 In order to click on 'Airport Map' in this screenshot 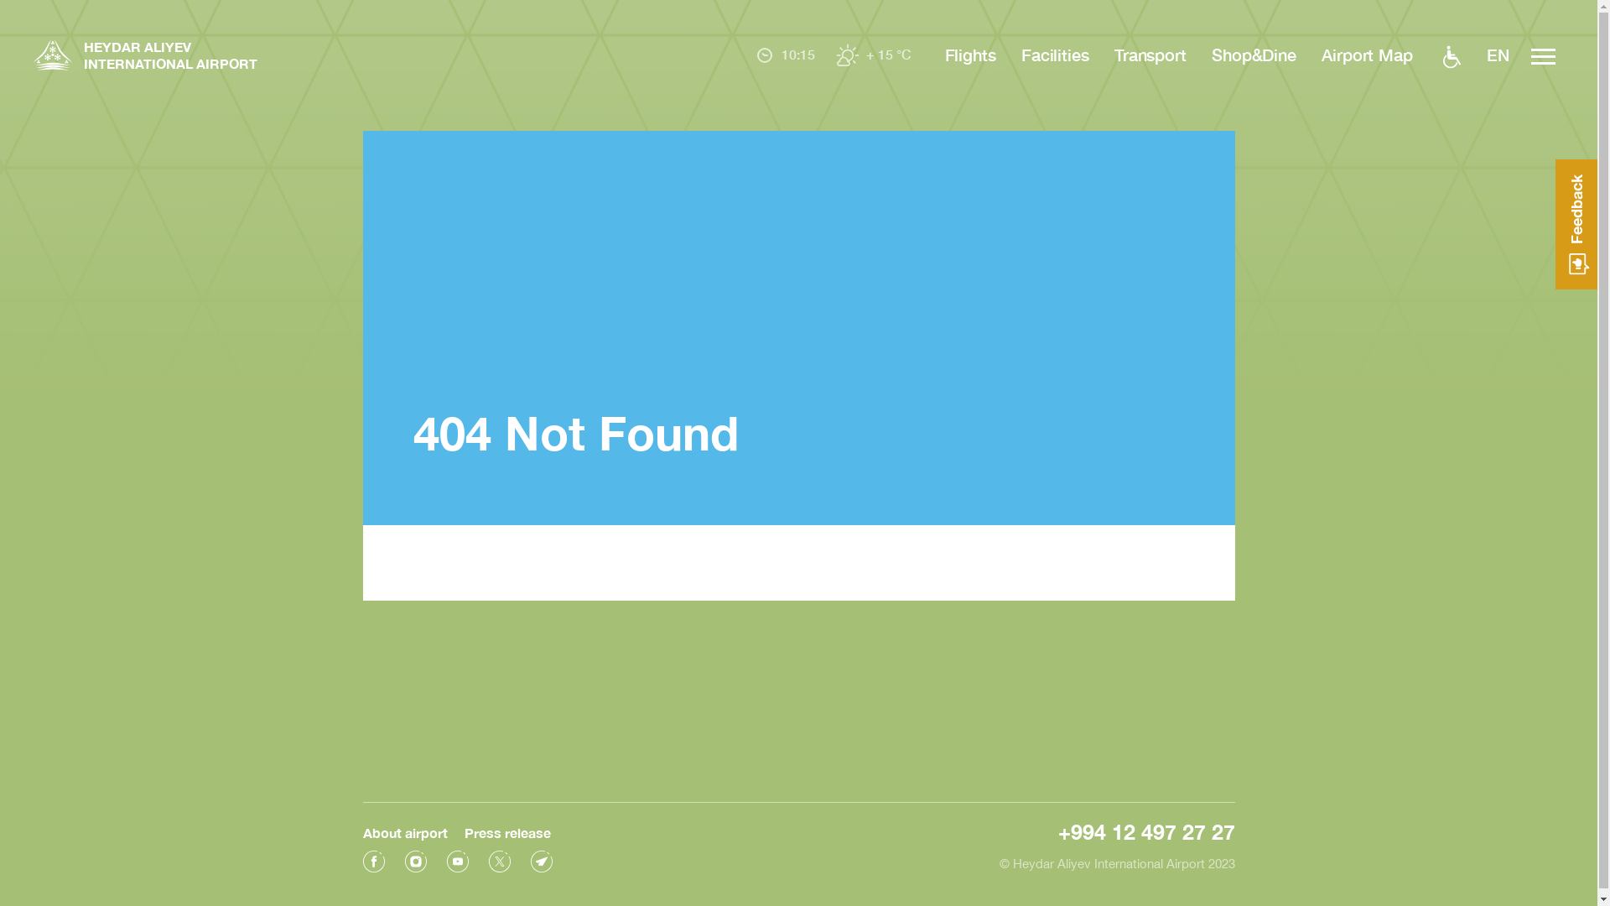, I will do `click(1367, 54)`.